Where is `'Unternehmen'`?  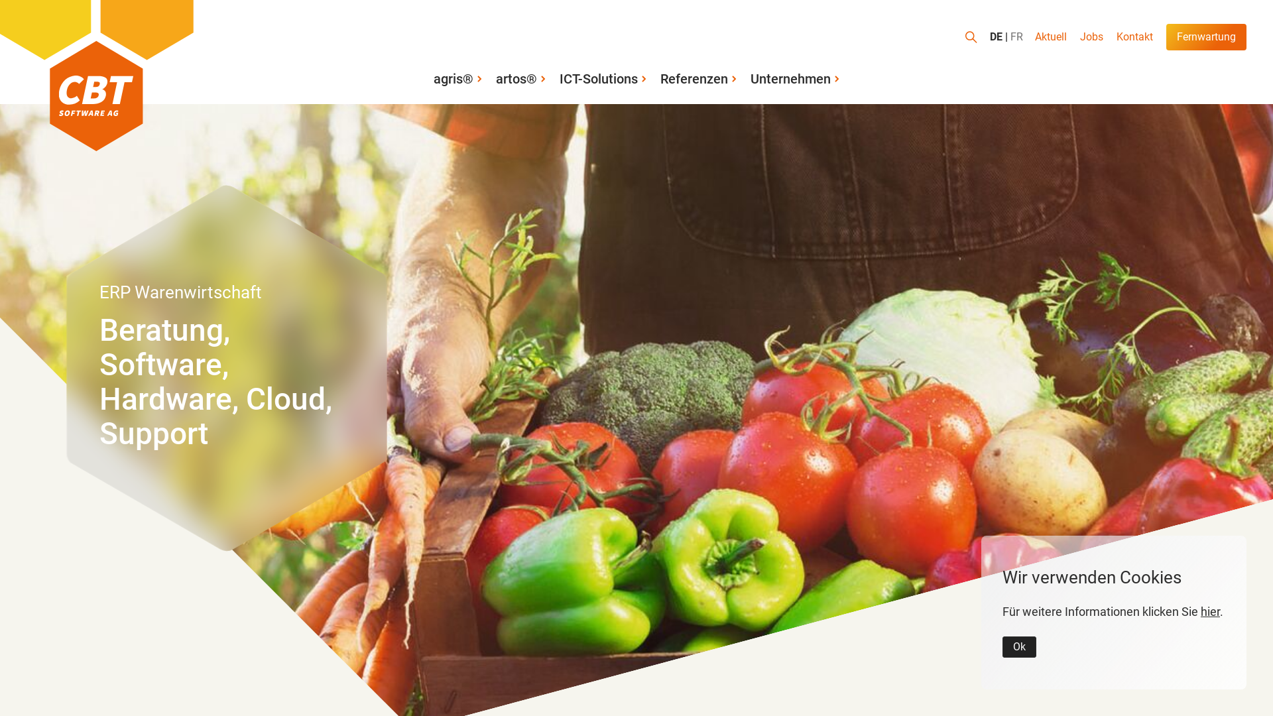
'Unternehmen' is located at coordinates (744, 79).